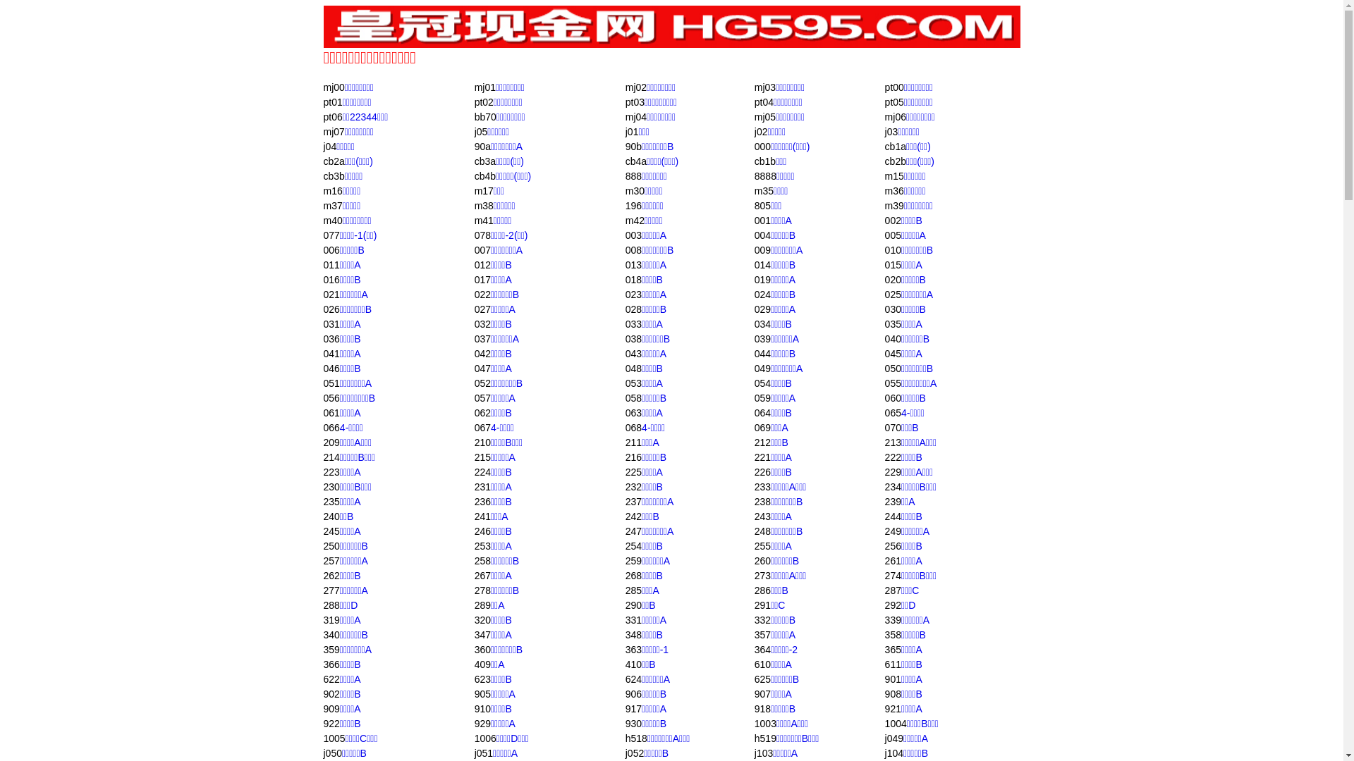 The image size is (1354, 761). Describe the element at coordinates (633, 457) in the screenshot. I see `'216'` at that location.